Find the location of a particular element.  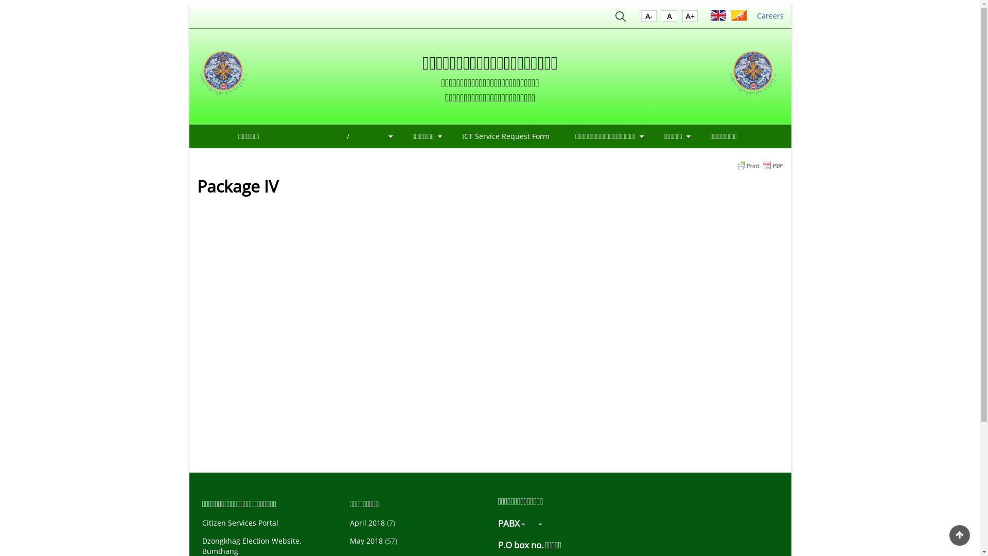

'Back to Top' is located at coordinates (959, 535).